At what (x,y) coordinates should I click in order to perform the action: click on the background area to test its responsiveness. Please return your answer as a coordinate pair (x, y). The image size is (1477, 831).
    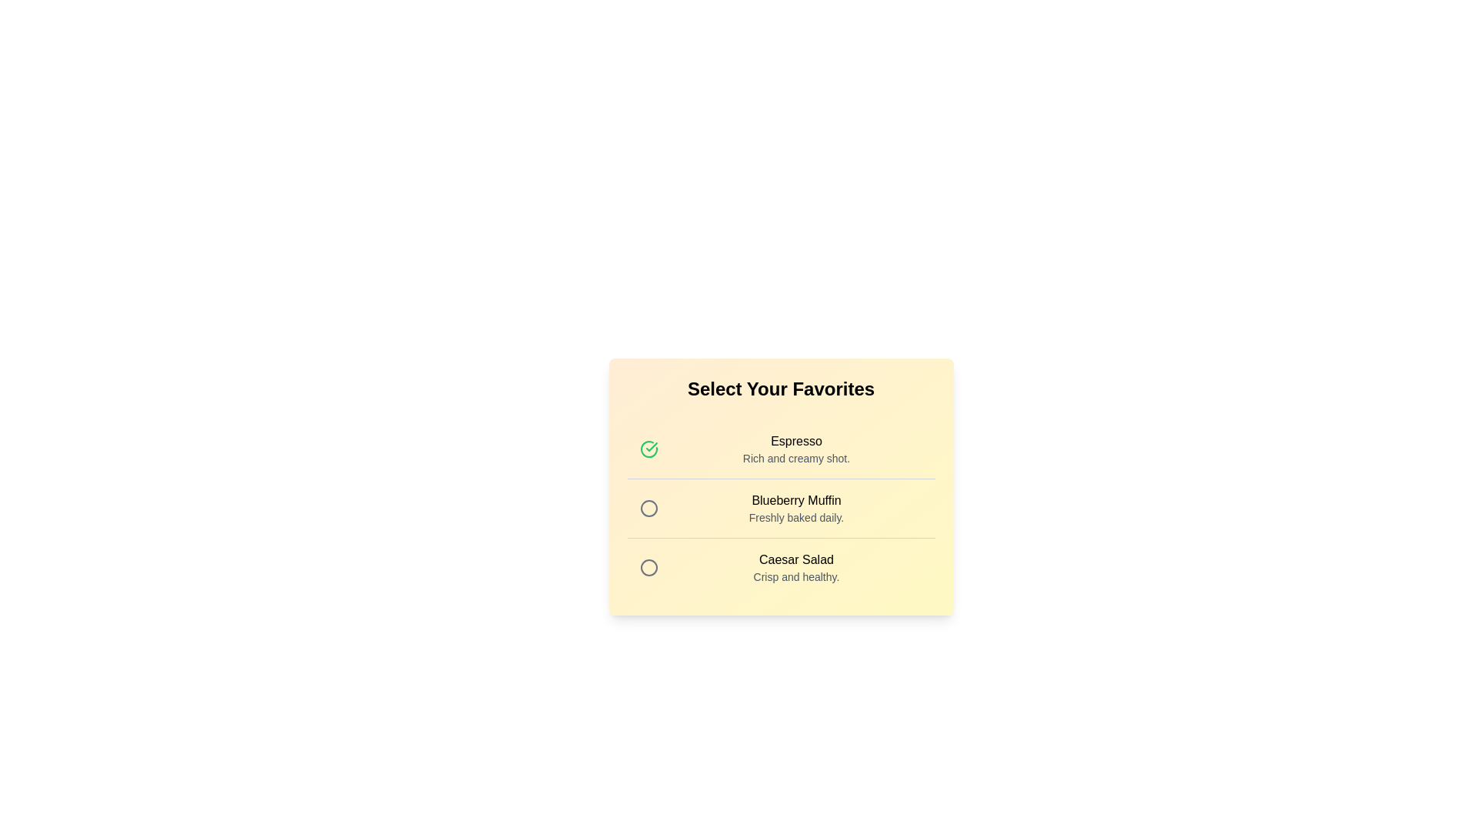
    Looking at the image, I should click on (780, 564).